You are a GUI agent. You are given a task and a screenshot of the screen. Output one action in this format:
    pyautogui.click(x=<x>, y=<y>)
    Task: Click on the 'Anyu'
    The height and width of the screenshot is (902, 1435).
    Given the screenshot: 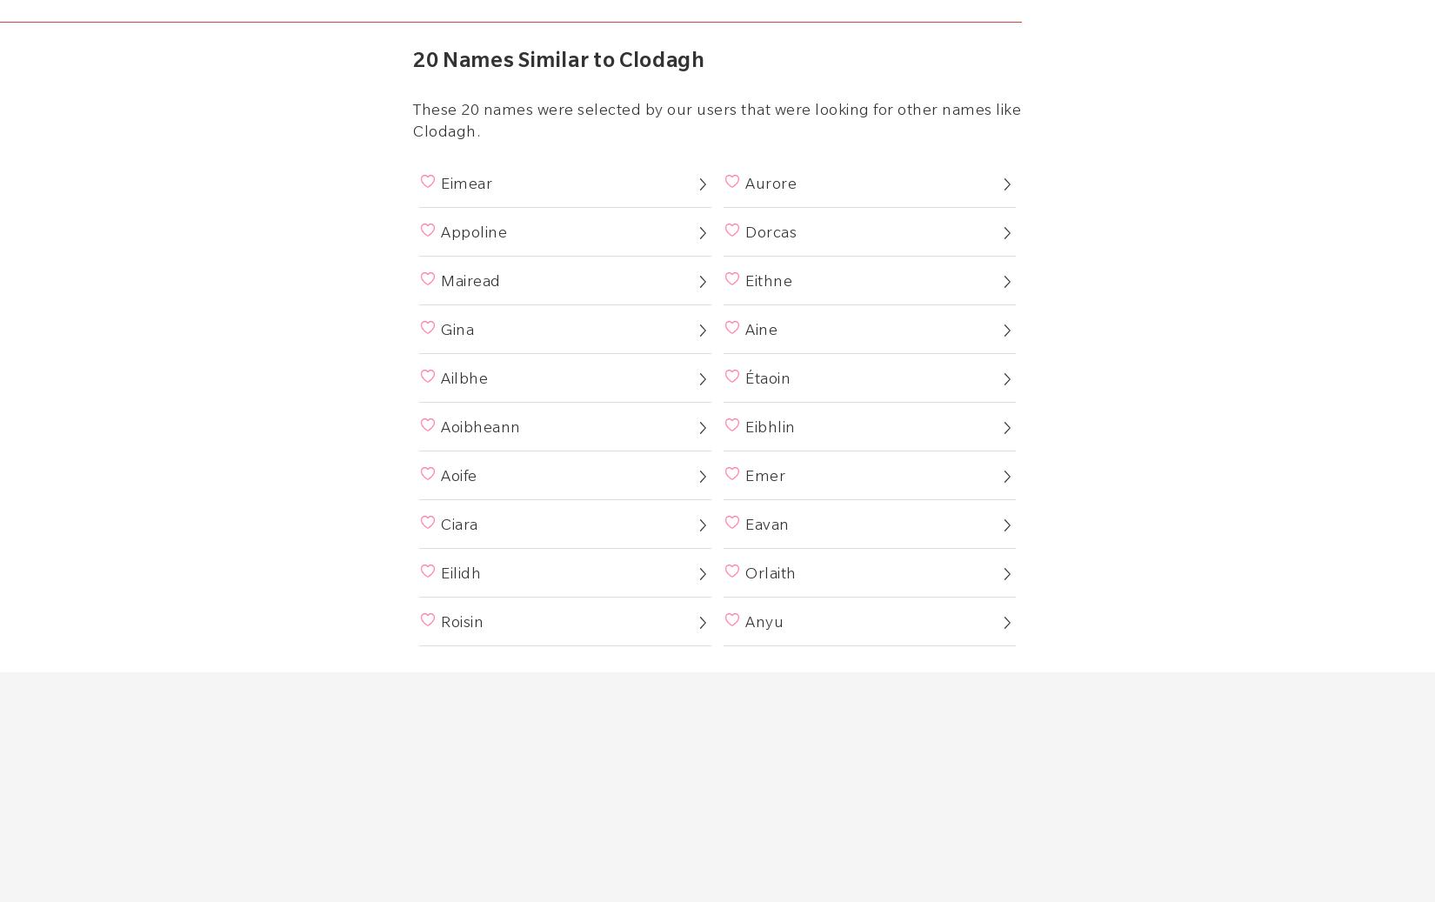 What is the action you would take?
    pyautogui.click(x=764, y=621)
    